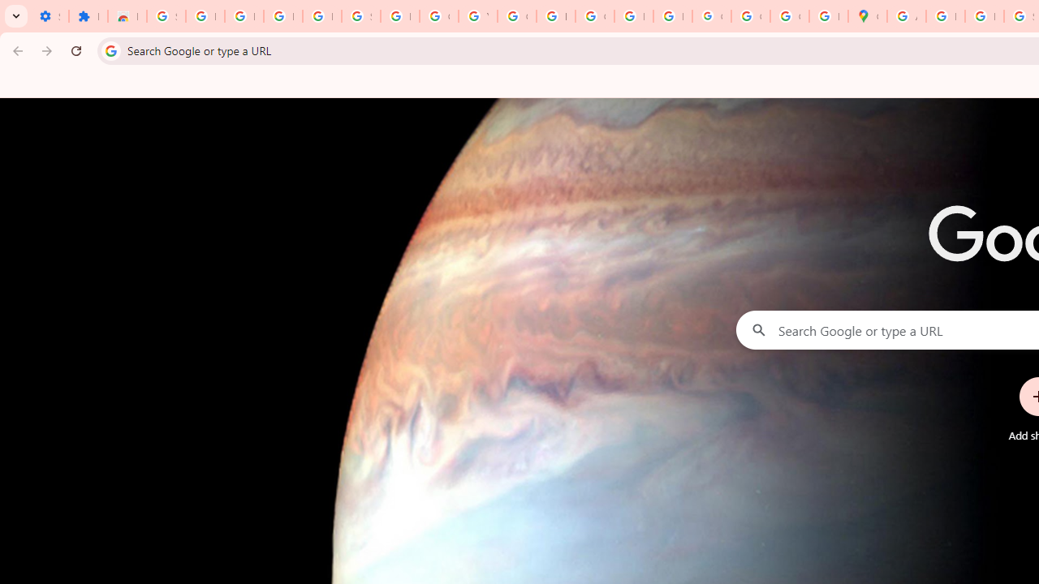 The image size is (1039, 584). I want to click on 'YouTube', so click(476, 16).